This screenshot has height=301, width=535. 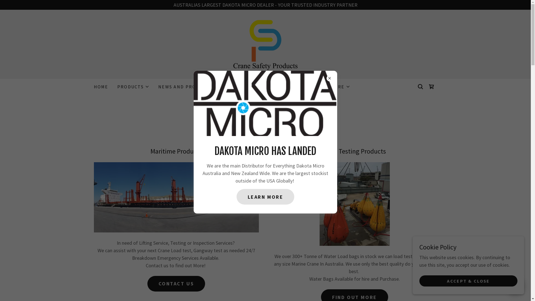 What do you see at coordinates (468, 281) in the screenshot?
I see `'ACCEPT & CLOSE'` at bounding box center [468, 281].